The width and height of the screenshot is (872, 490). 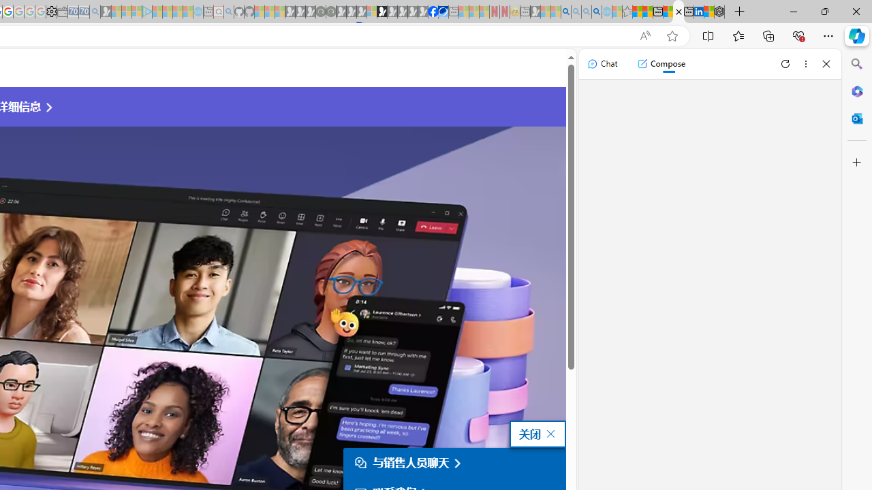 What do you see at coordinates (856, 162) in the screenshot?
I see `'Close Customize pane'` at bounding box center [856, 162].